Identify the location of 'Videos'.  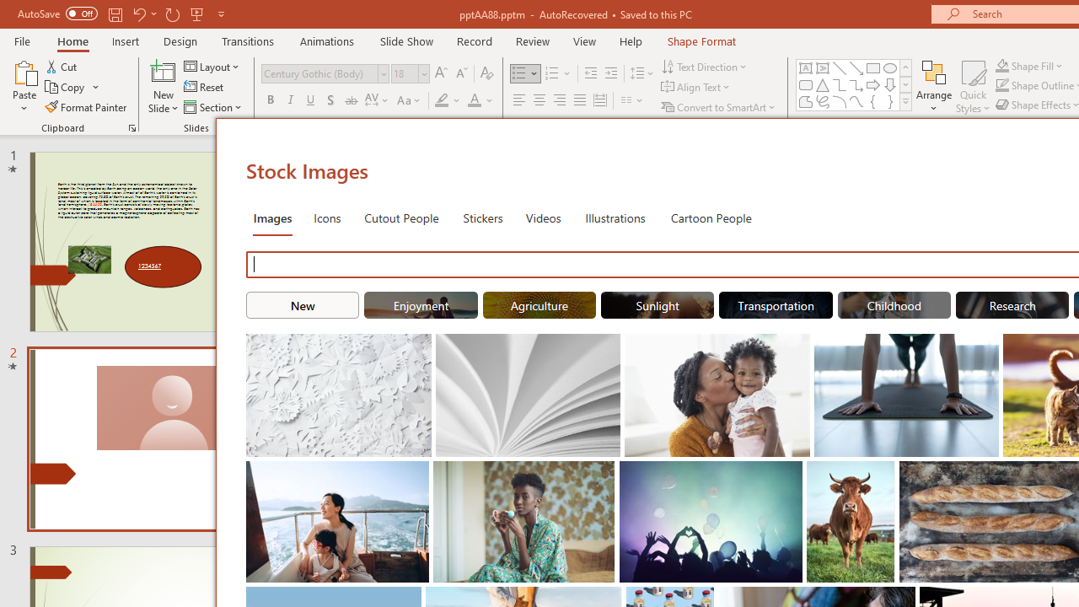
(543, 217).